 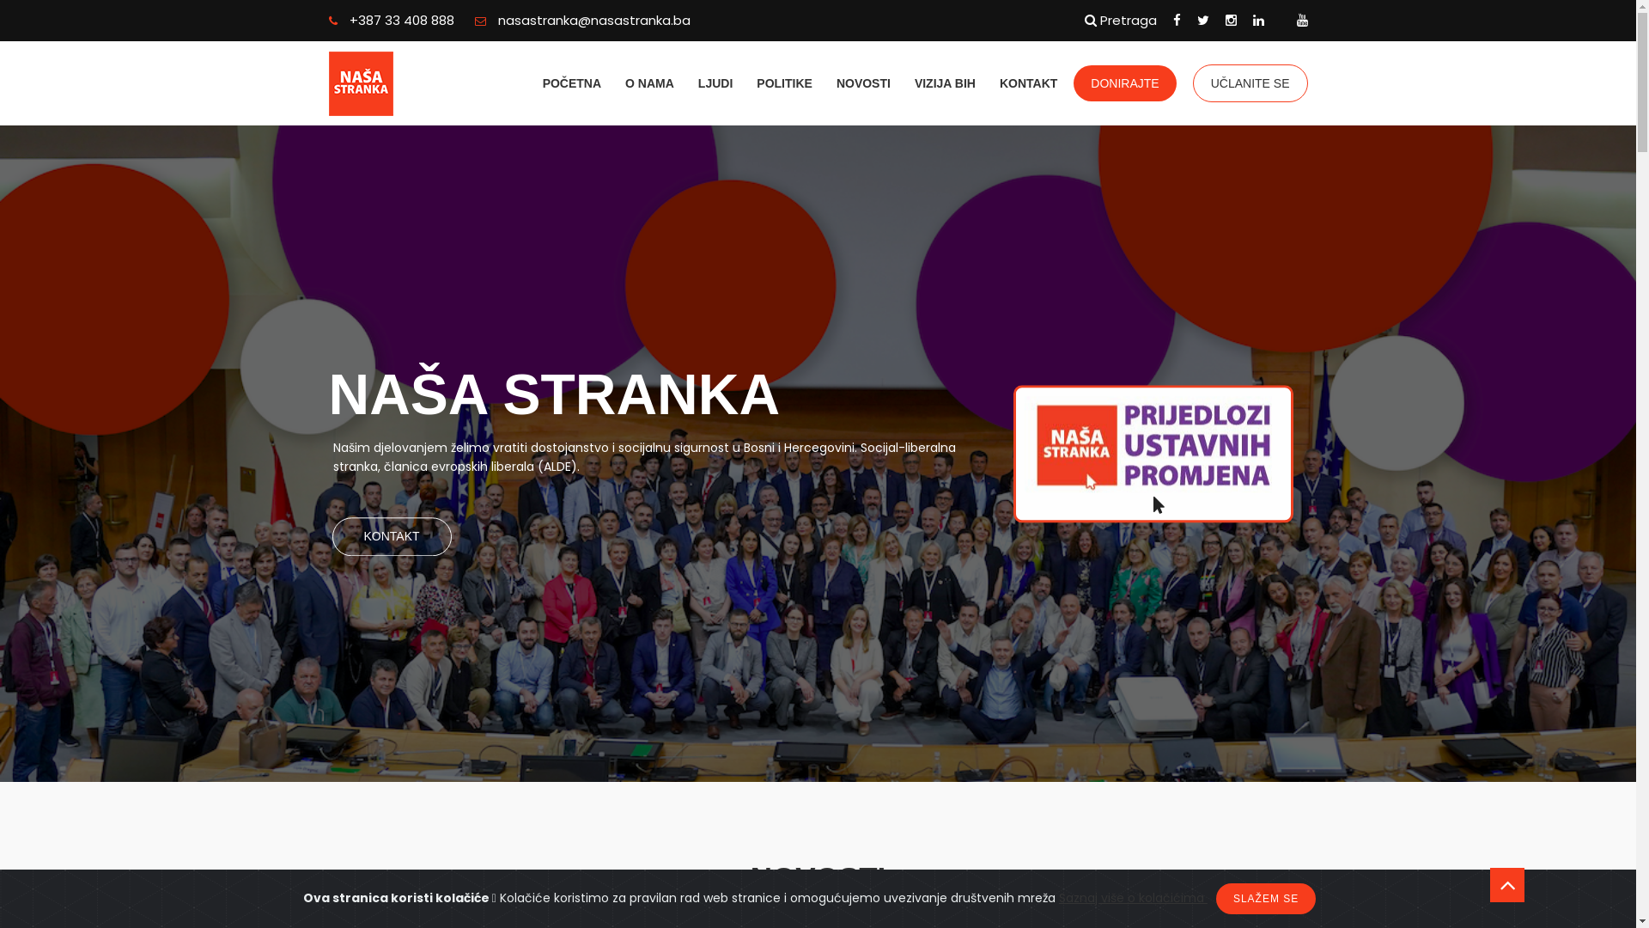 What do you see at coordinates (1176, 20) in the screenshot?
I see `'Facebook'` at bounding box center [1176, 20].